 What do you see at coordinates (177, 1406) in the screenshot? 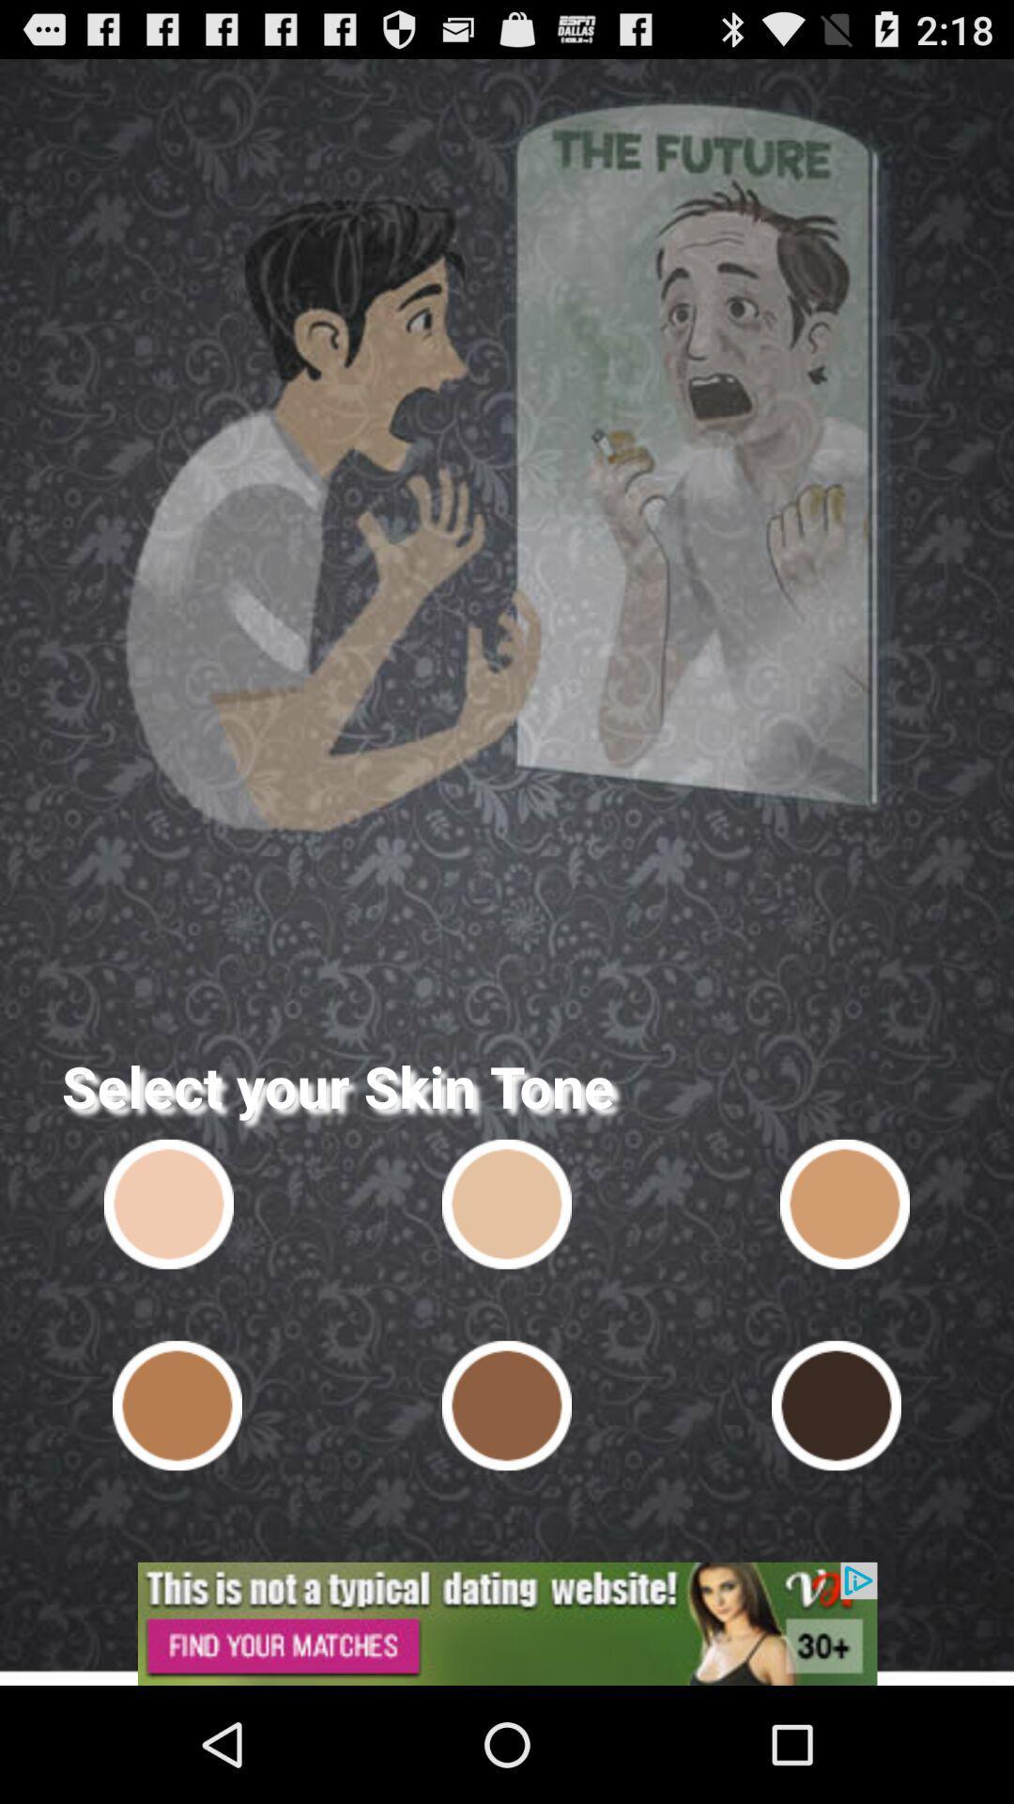
I see `choose this skin tone` at bounding box center [177, 1406].